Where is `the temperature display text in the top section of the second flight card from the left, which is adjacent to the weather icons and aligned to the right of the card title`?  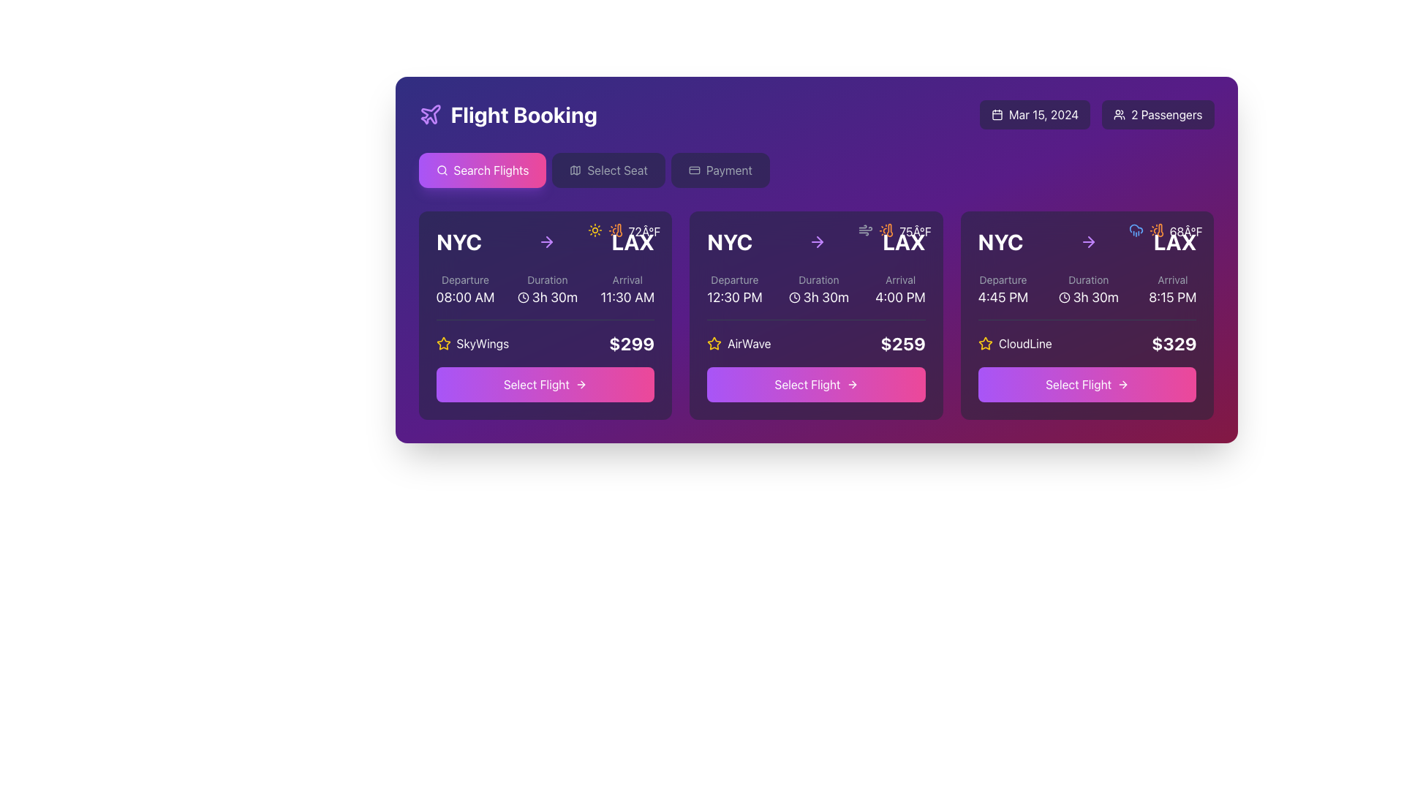
the temperature display text in the top section of the second flight card from the left, which is adjacent to the weather icons and aligned to the right of the card title is located at coordinates (643, 230).